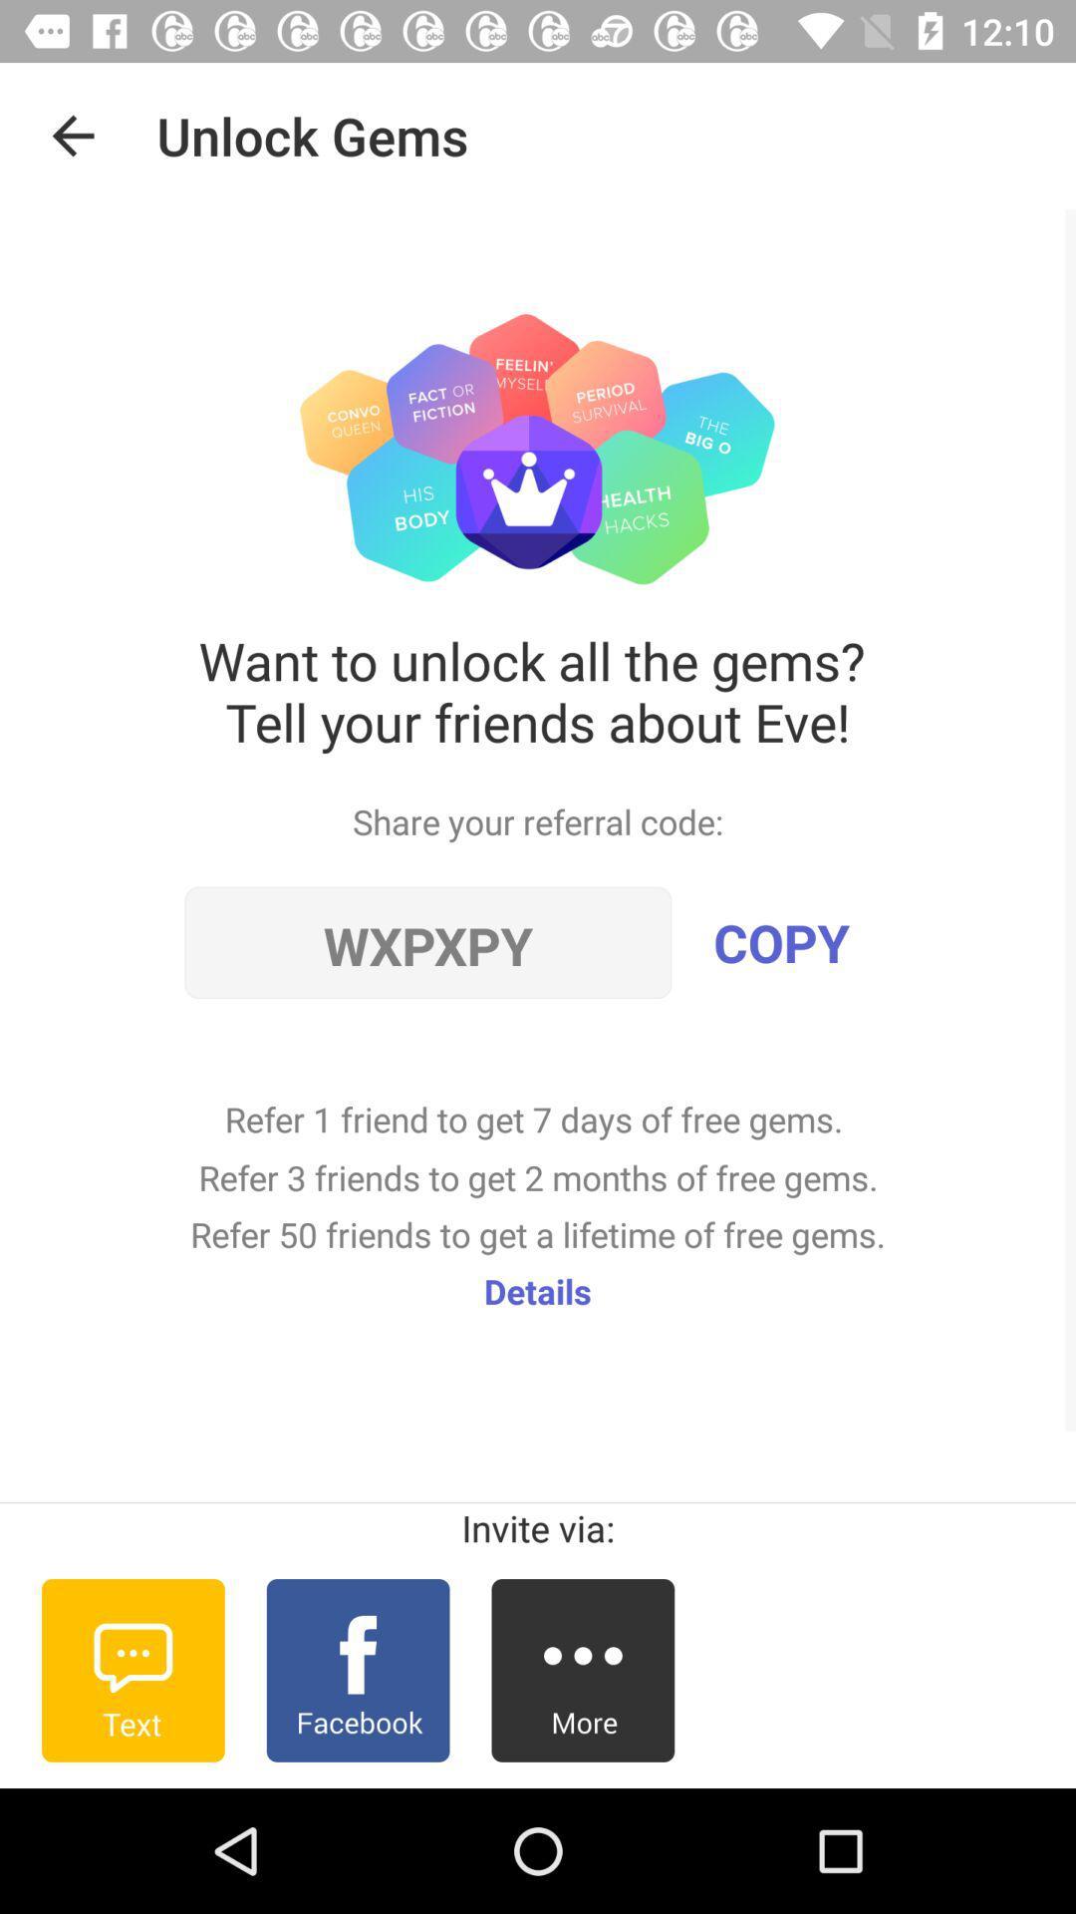 The height and width of the screenshot is (1914, 1076). I want to click on item below the invite via:, so click(357, 1670).